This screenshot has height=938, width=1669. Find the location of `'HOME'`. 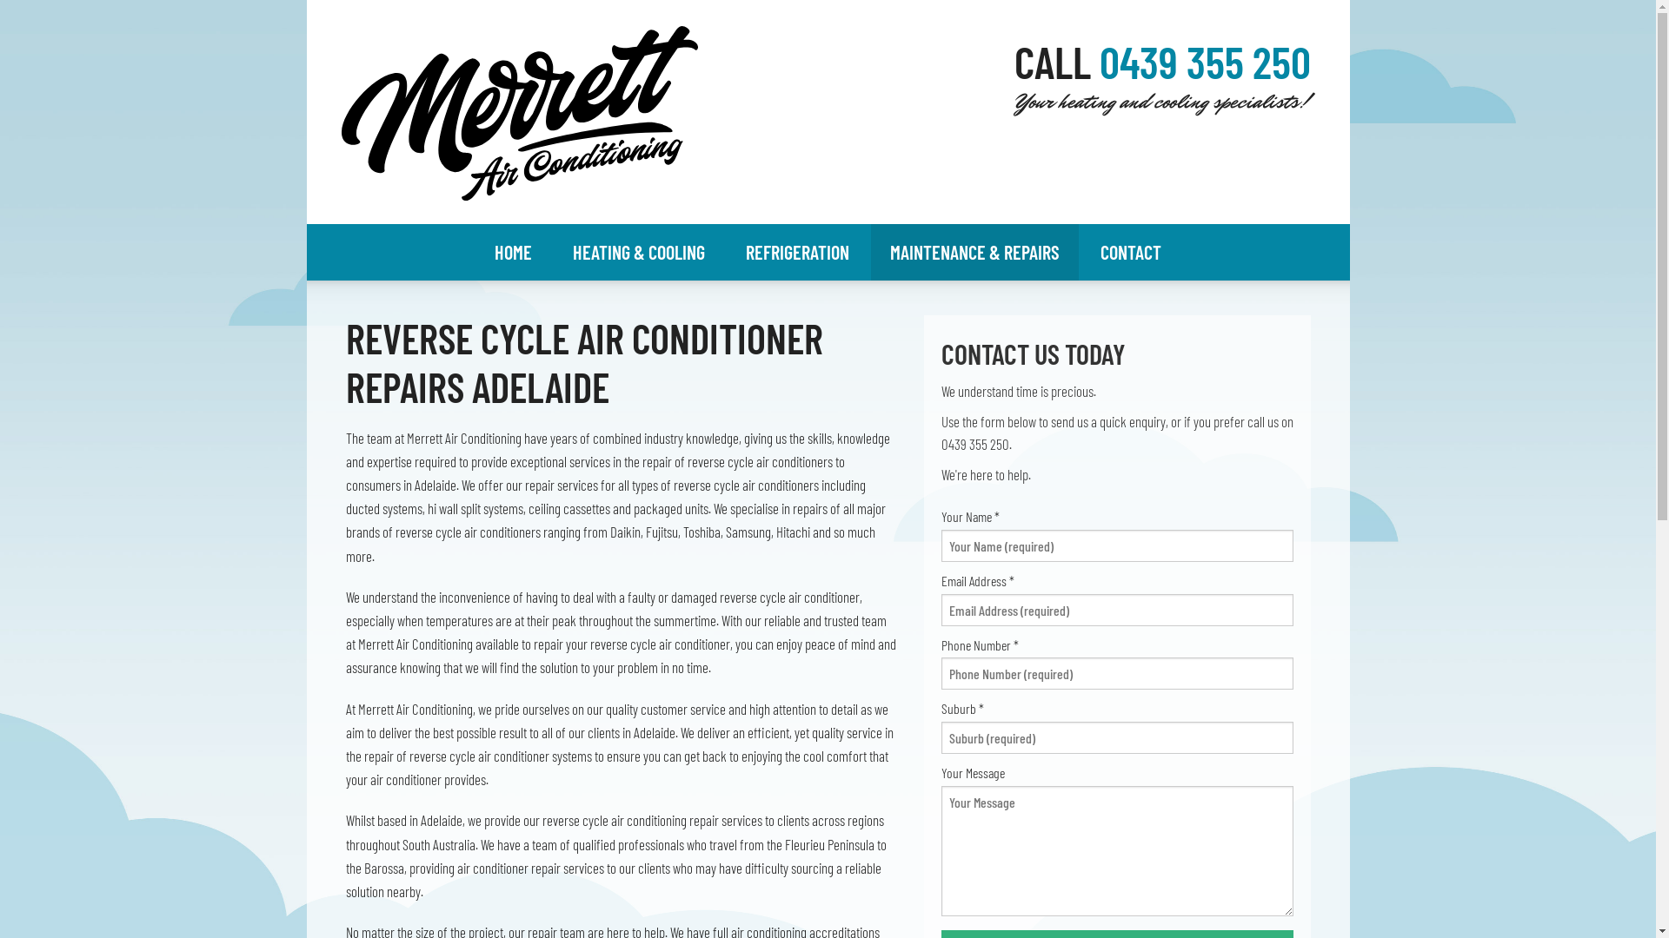

'HOME' is located at coordinates (512, 252).